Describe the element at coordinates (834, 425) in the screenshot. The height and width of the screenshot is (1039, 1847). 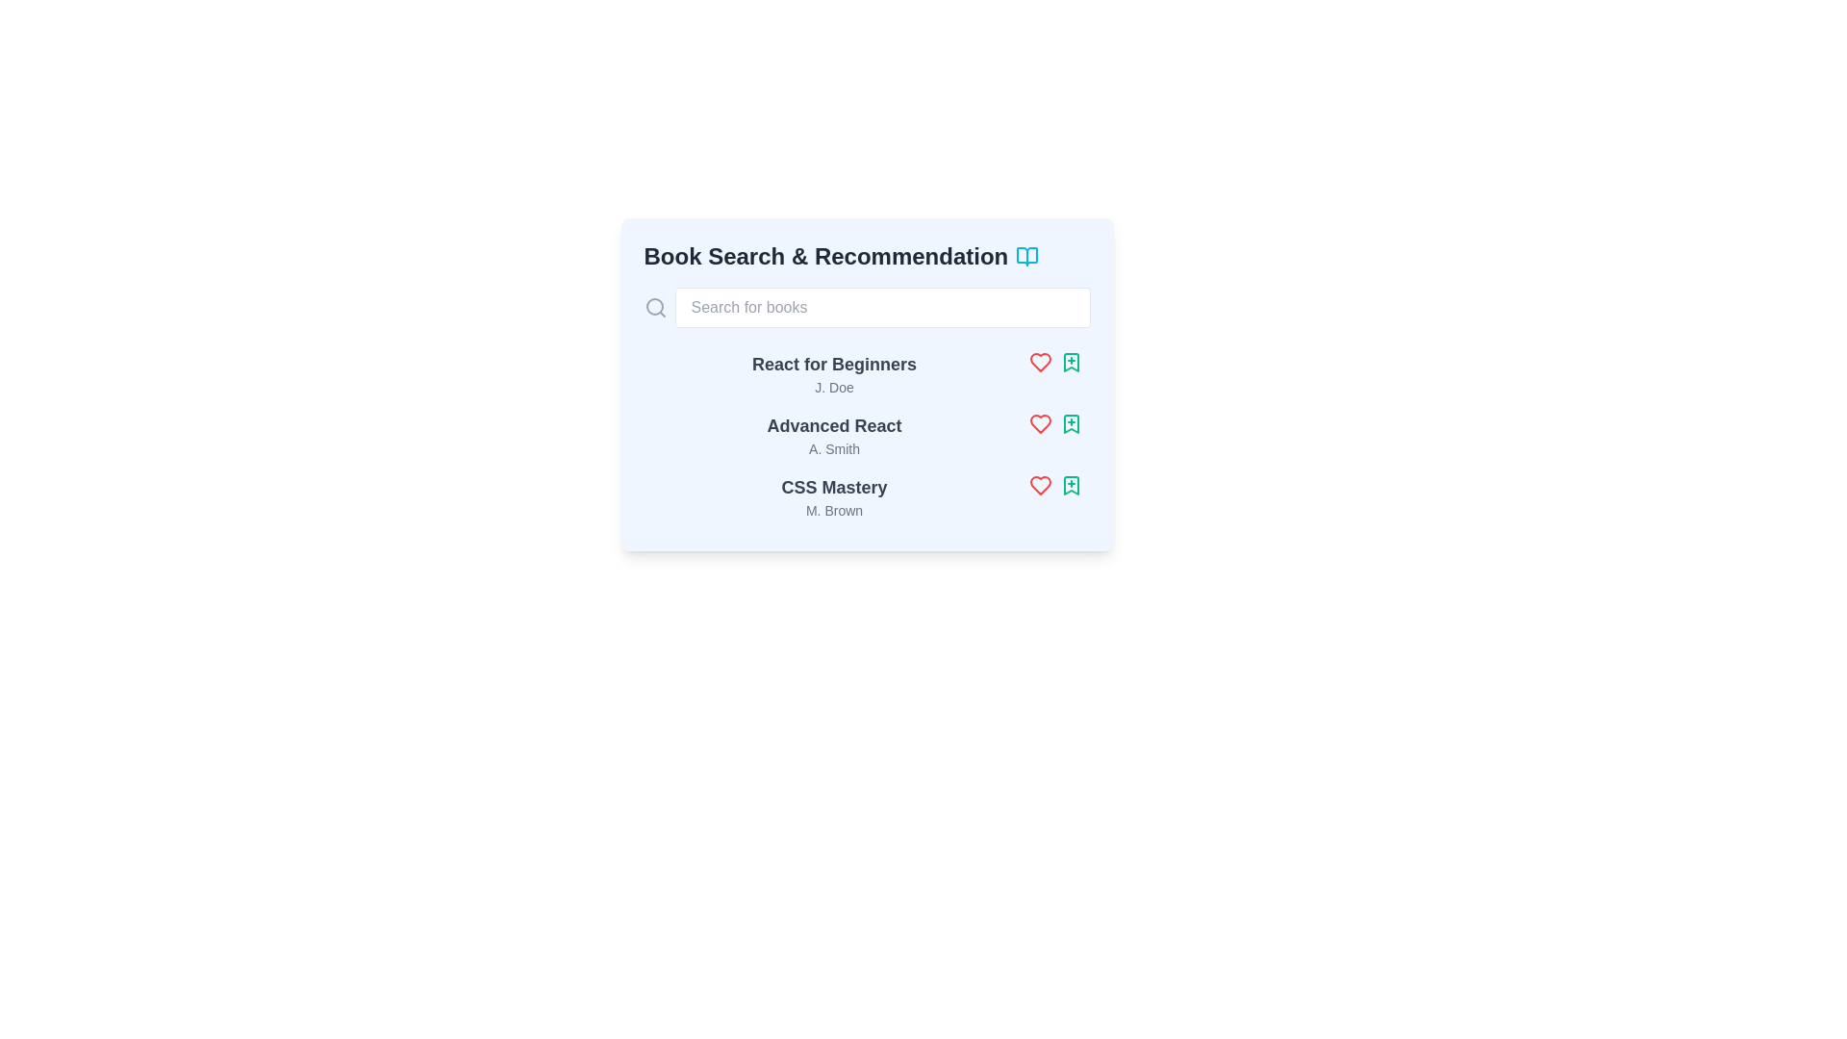
I see `the text label displaying 'Advanced React' which is styled in bold and larger font, located above 'A. Smith' in the central middle-right area of the book titles section` at that location.